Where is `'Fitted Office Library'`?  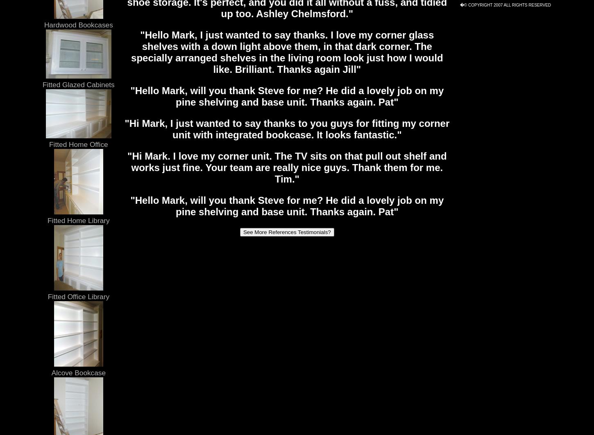
'Fitted Office Library' is located at coordinates (48, 296).